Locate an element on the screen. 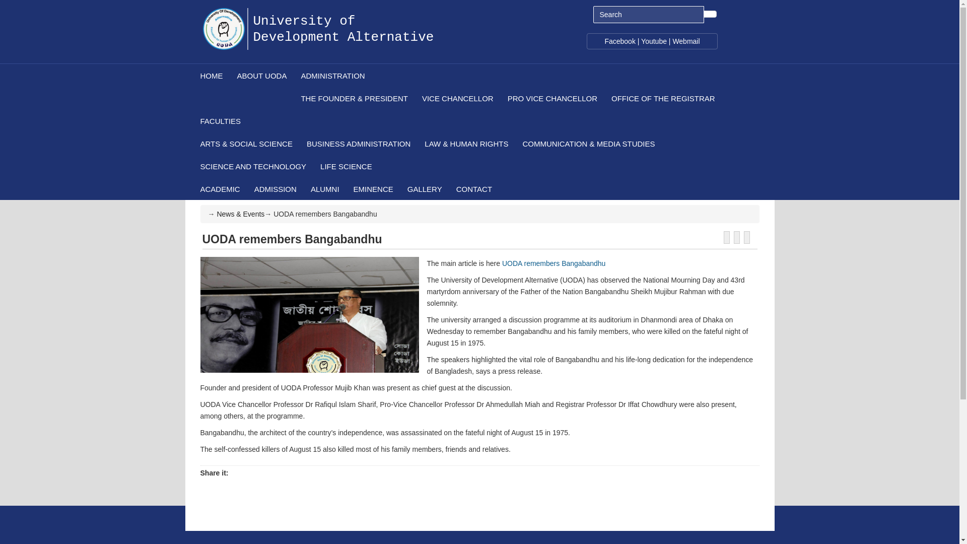  'LIFE SCIENCE' is located at coordinates (346, 165).